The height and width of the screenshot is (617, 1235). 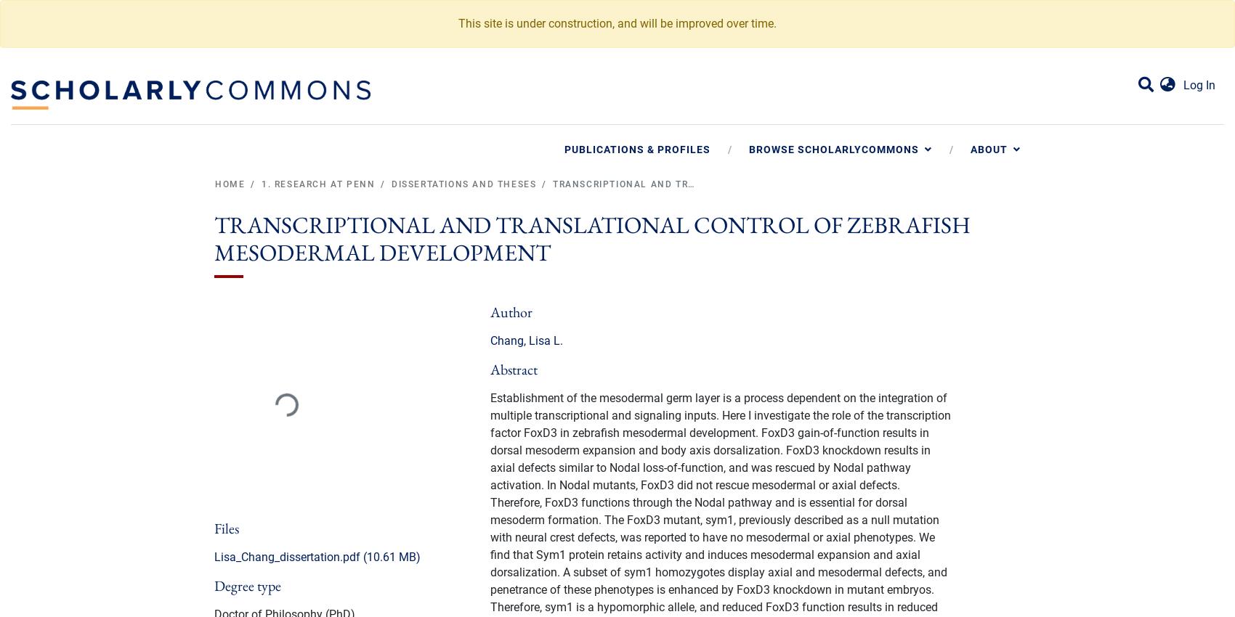 What do you see at coordinates (286, 555) in the screenshot?
I see `'Lisa_Chang_dissertation.pdf'` at bounding box center [286, 555].